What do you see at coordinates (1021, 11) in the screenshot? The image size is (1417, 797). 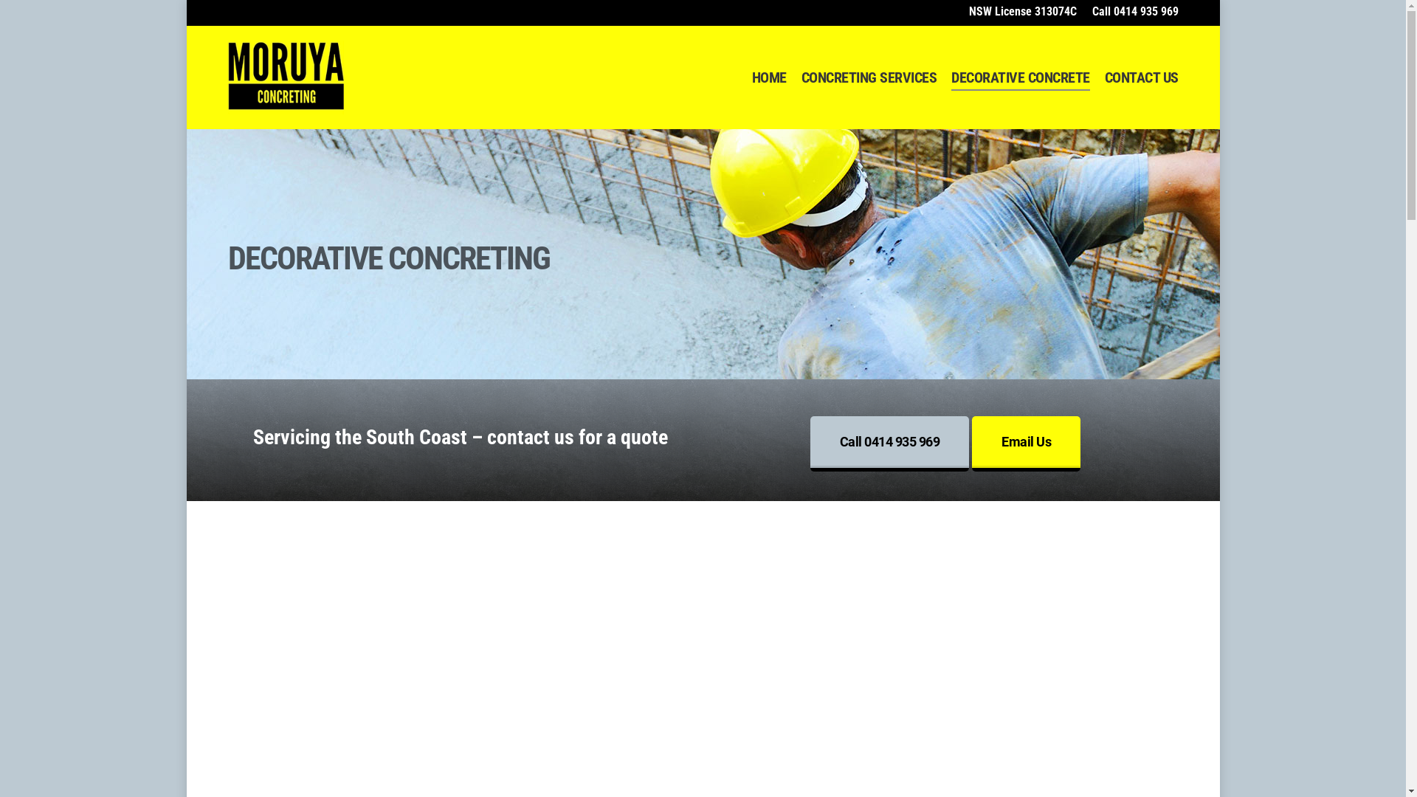 I see `'NSW License 313074C'` at bounding box center [1021, 11].